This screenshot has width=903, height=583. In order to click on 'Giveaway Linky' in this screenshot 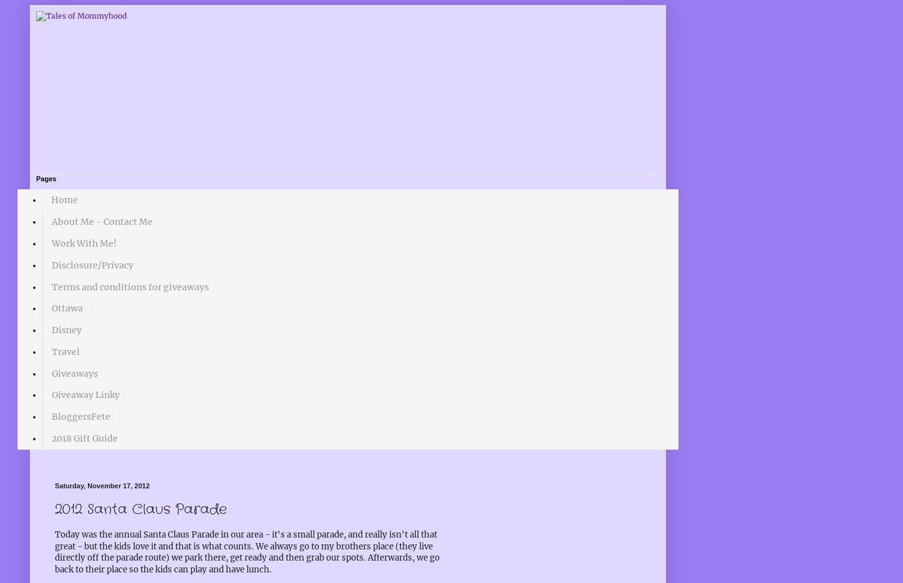, I will do `click(85, 394)`.